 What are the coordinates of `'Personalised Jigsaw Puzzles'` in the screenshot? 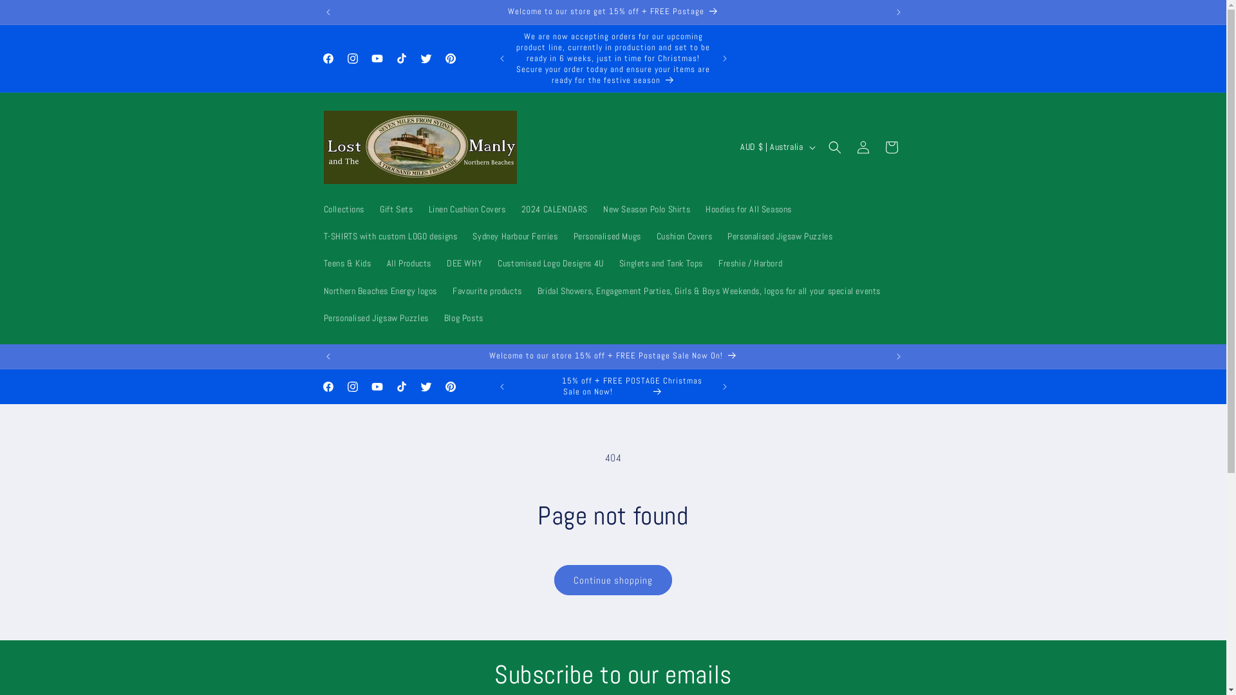 It's located at (315, 317).